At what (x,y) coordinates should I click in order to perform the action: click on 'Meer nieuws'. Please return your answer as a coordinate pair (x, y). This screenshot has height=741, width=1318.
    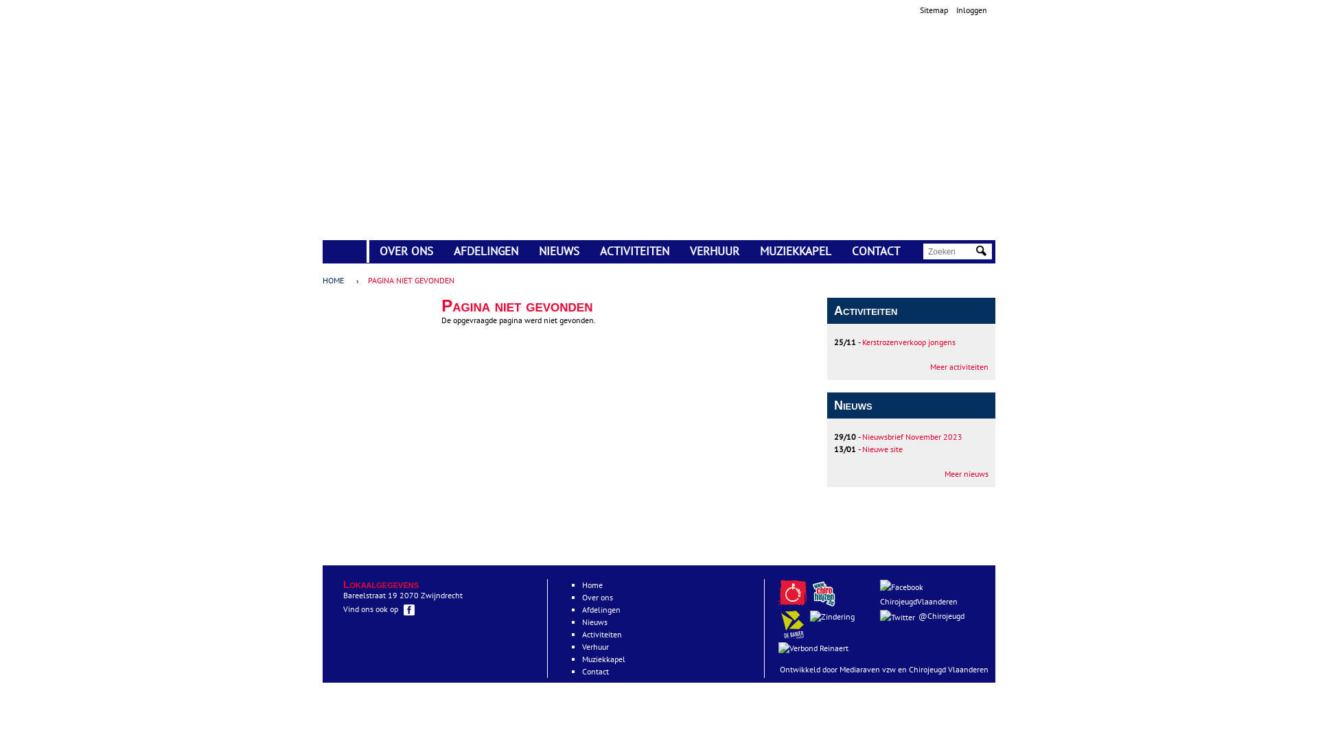
    Looking at the image, I should click on (965, 473).